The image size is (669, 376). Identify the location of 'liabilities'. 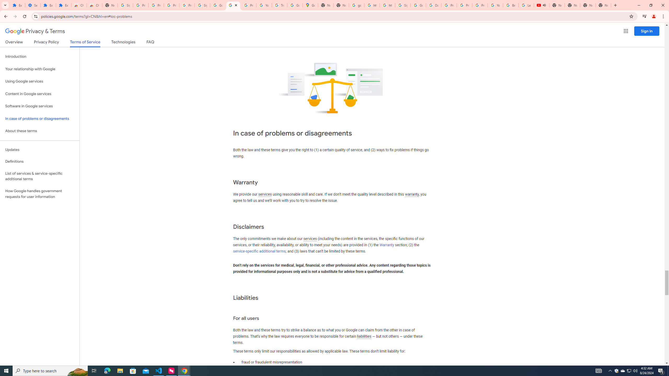
(364, 336).